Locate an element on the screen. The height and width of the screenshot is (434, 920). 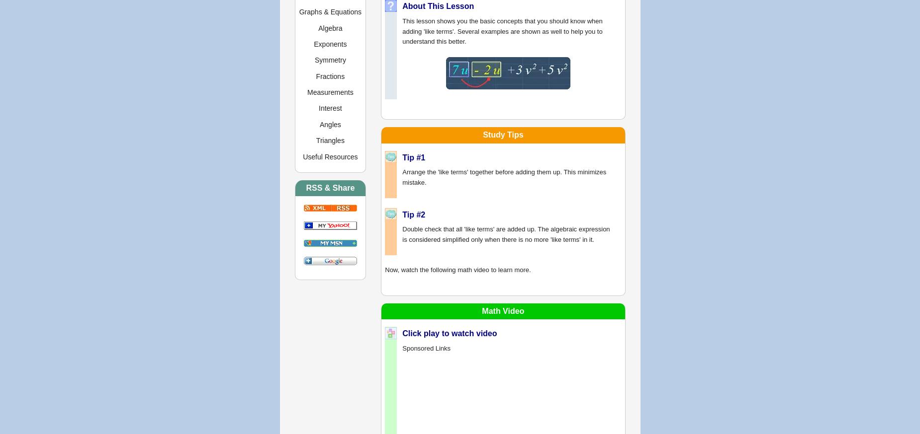
'Fractions' is located at coordinates (330, 75).